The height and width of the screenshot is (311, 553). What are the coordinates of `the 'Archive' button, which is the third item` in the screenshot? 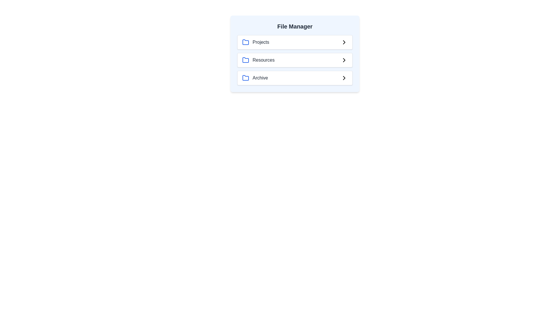 It's located at (255, 78).